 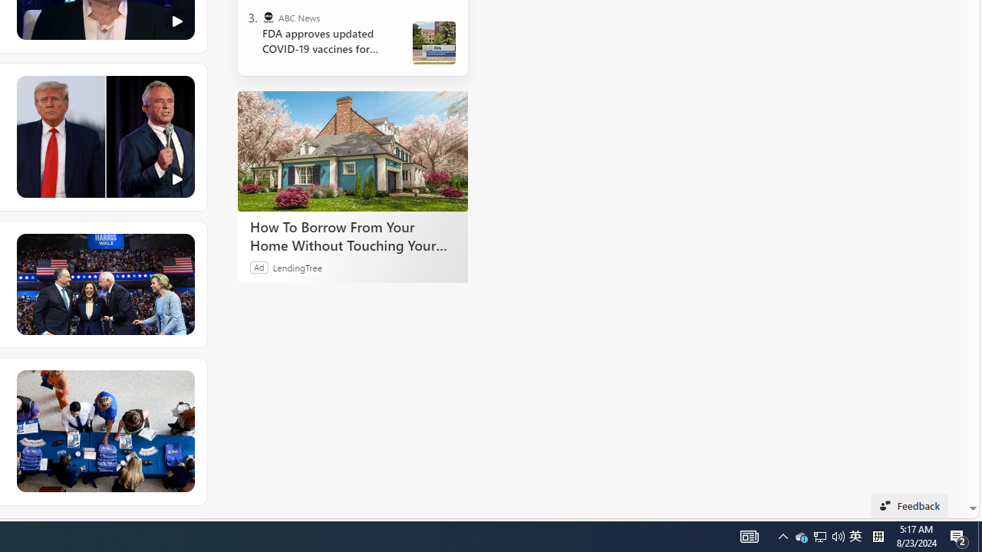 What do you see at coordinates (104, 136) in the screenshot?
I see `'Class: hero-image'` at bounding box center [104, 136].